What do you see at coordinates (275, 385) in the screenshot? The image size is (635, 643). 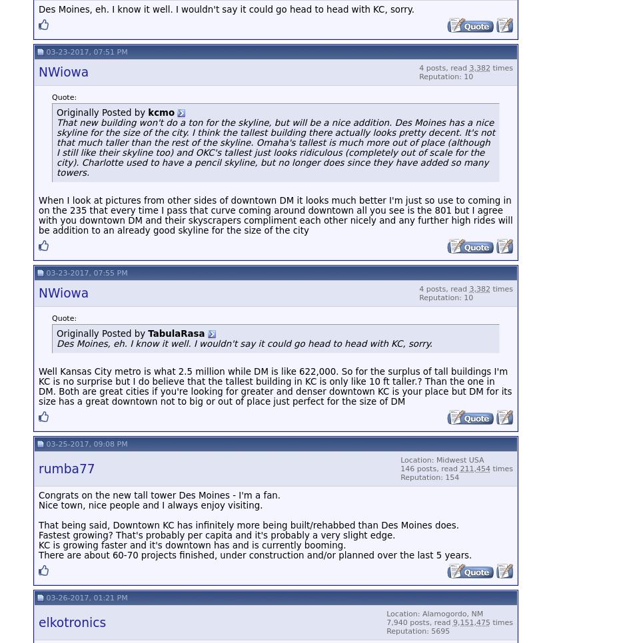 I see `'Well Kansas City metro is what 2.5 million while DM is like 622,000. So for the surplus of tall buildings I'm KC is no surprise but I do believe that the tallest building in KC is only like 10 ft taller.? Than the one in DM. Both are great cities if you're looking for greater and denser downtown KC is your place but DM for its size has a great downtown not to big or out of place just perfect for the size of DM'` at bounding box center [275, 385].